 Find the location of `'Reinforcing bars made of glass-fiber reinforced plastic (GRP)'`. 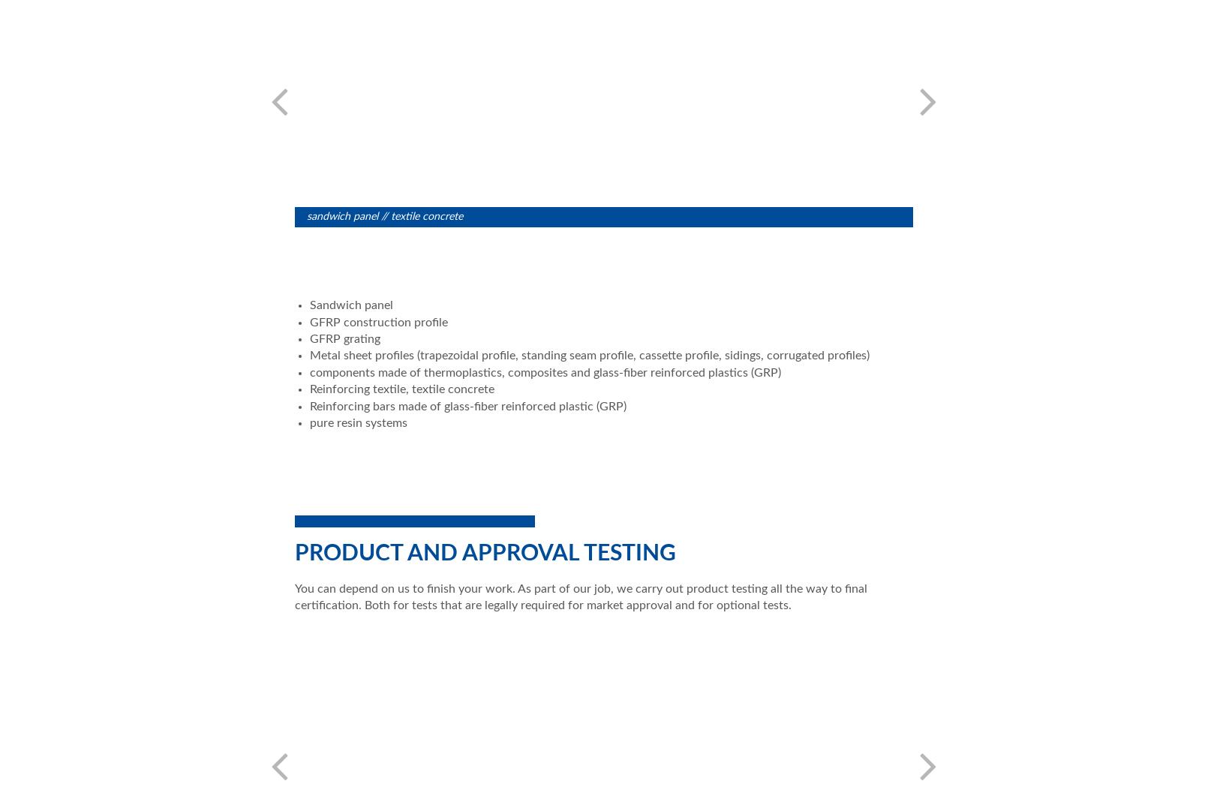

'Reinforcing bars made of glass-fiber reinforced plastic (GRP)' is located at coordinates (468, 406).